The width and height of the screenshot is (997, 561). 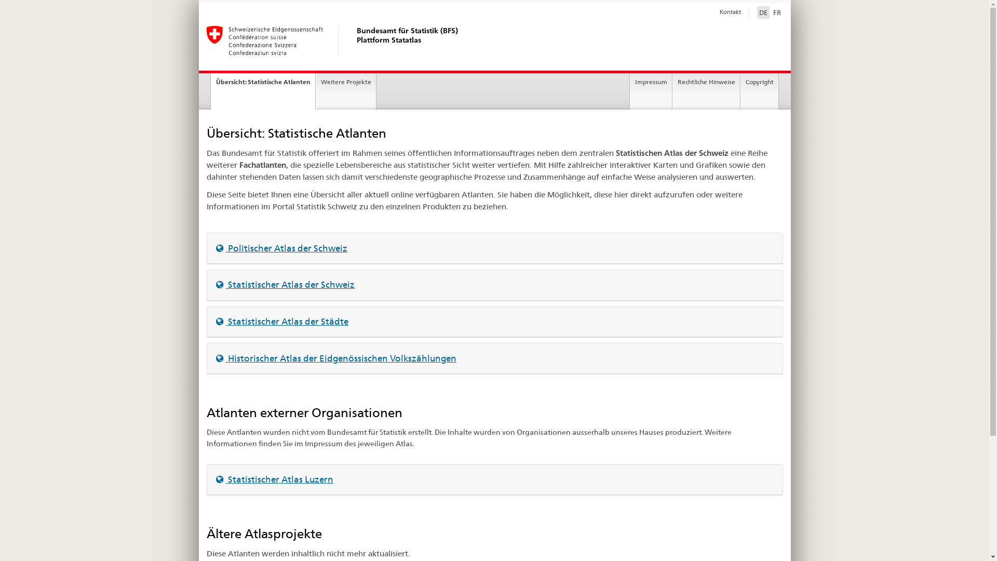 What do you see at coordinates (776, 12) in the screenshot?
I see `'FR'` at bounding box center [776, 12].